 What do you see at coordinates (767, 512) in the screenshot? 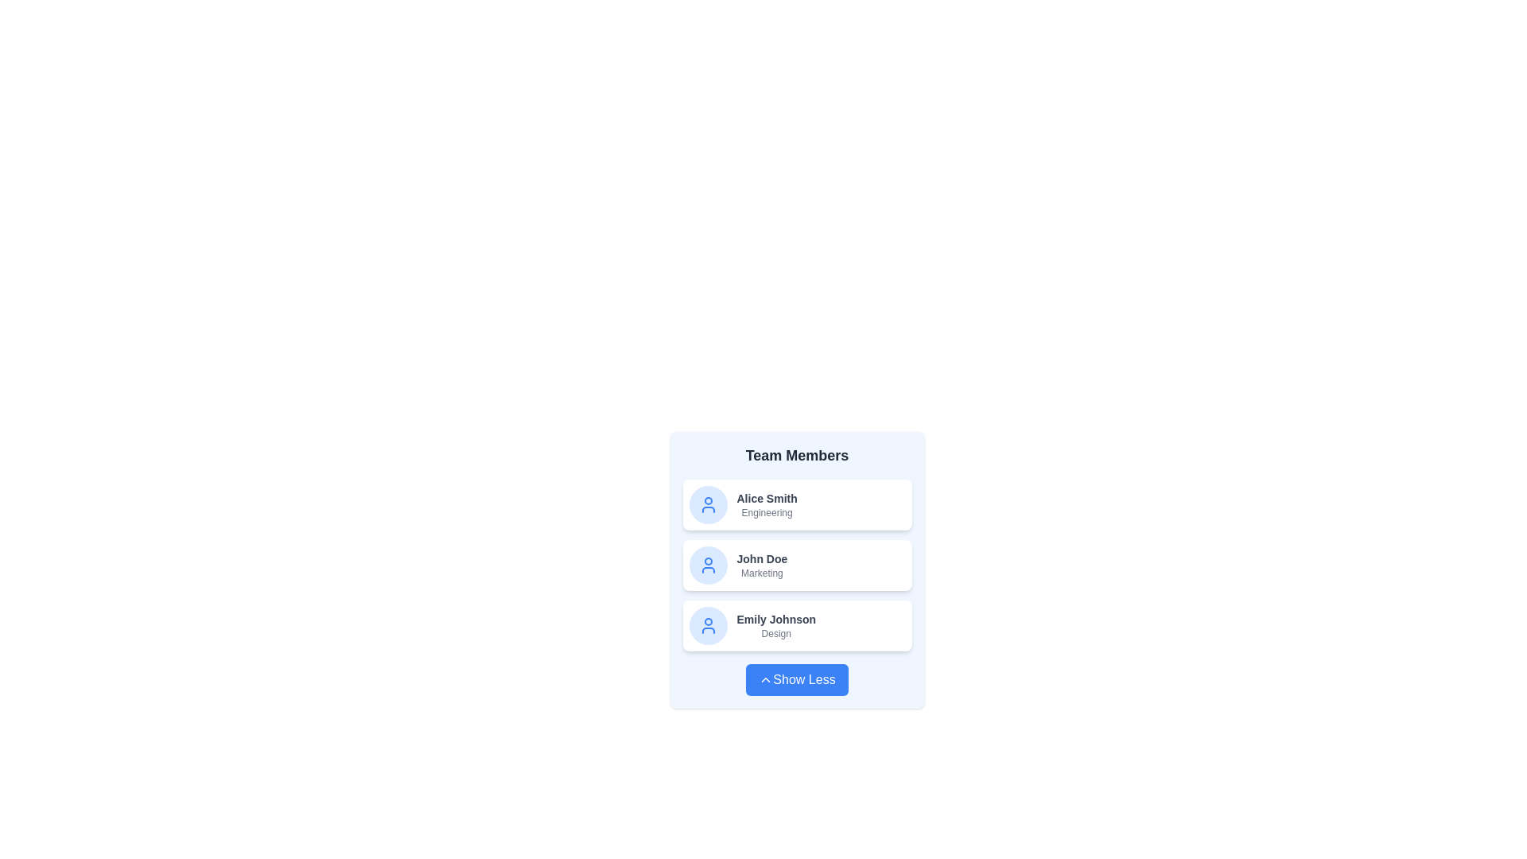
I see `the Static Text Label displaying 'Engineering', which is positioned below 'Alice Smith' in the 'Team Members' section of the card layout` at bounding box center [767, 512].